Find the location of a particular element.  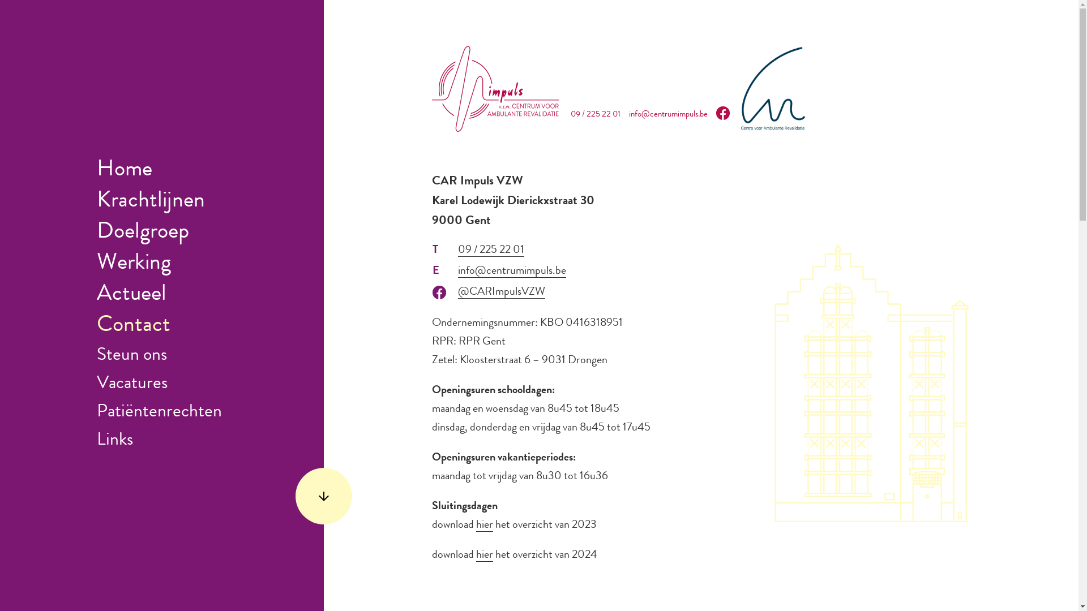

'hier' is located at coordinates (484, 555).